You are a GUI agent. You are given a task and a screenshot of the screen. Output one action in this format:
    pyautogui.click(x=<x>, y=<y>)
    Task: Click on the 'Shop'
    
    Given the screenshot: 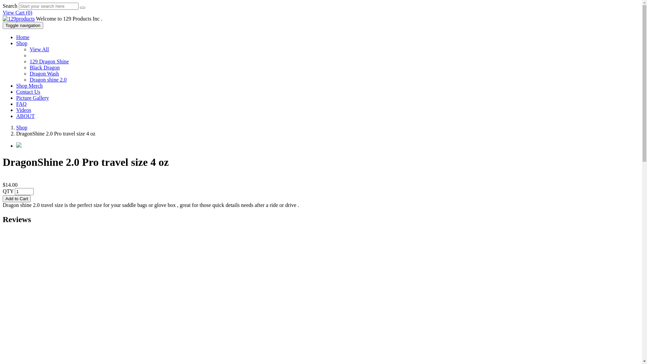 What is the action you would take?
    pyautogui.click(x=22, y=43)
    